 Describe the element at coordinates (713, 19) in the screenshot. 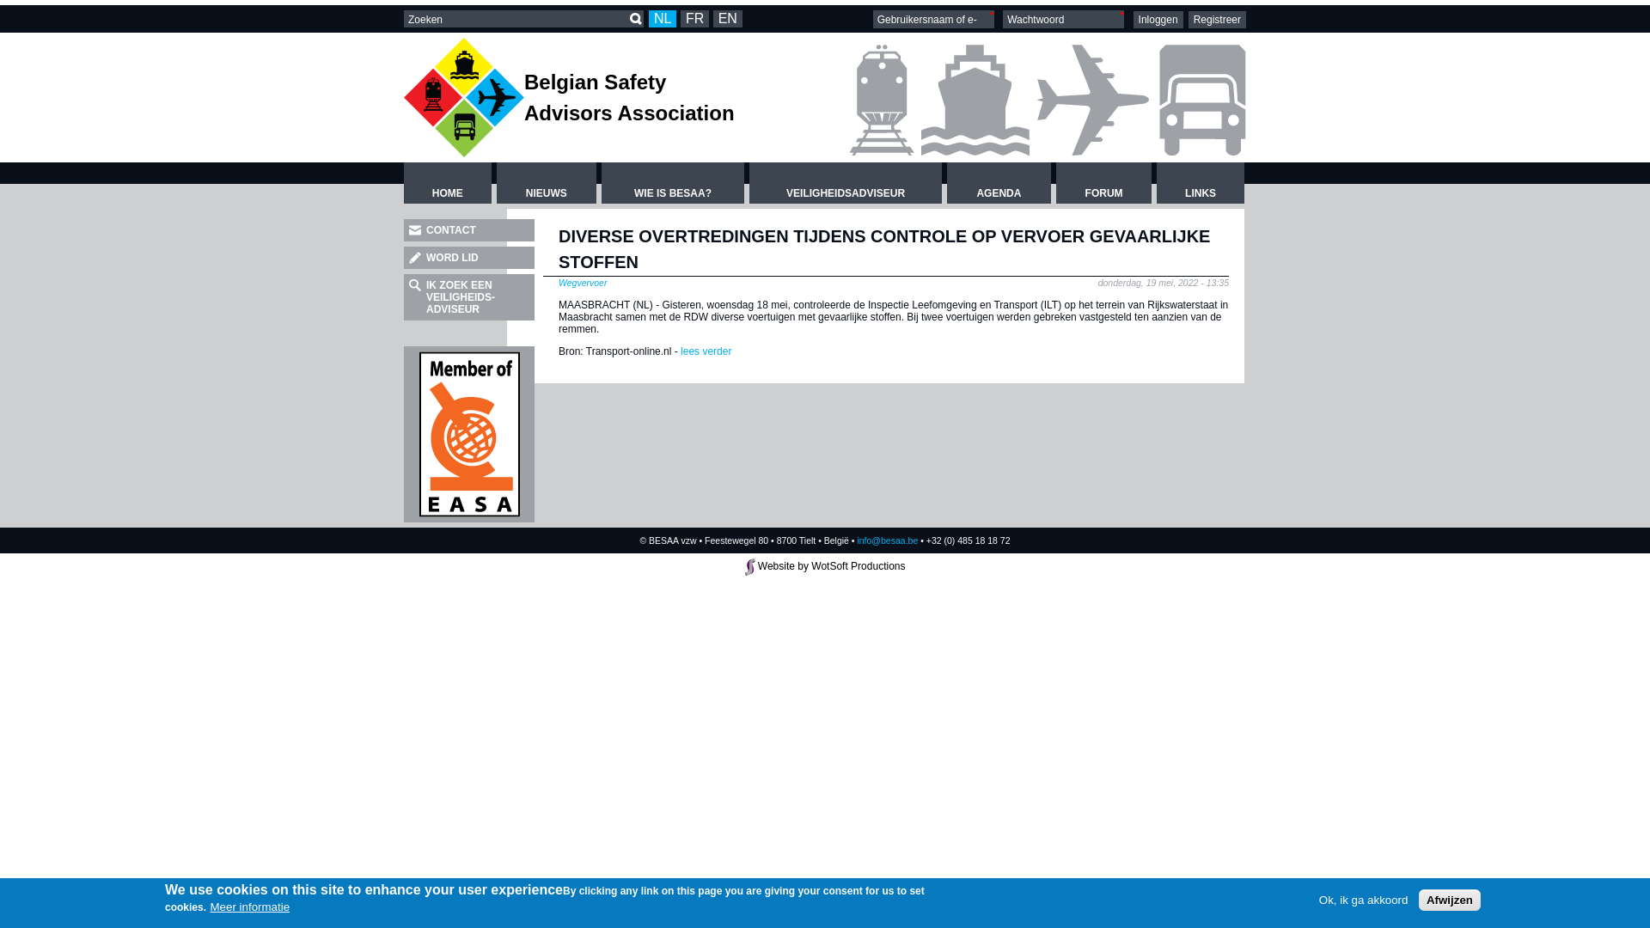

I see `'EN'` at that location.